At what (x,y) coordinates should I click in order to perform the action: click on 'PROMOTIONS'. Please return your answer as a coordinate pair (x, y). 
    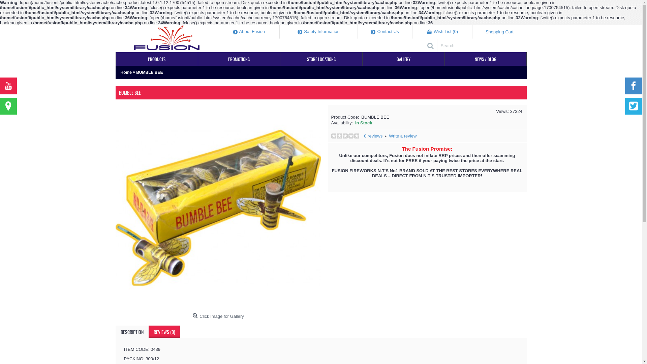
    Looking at the image, I should click on (239, 58).